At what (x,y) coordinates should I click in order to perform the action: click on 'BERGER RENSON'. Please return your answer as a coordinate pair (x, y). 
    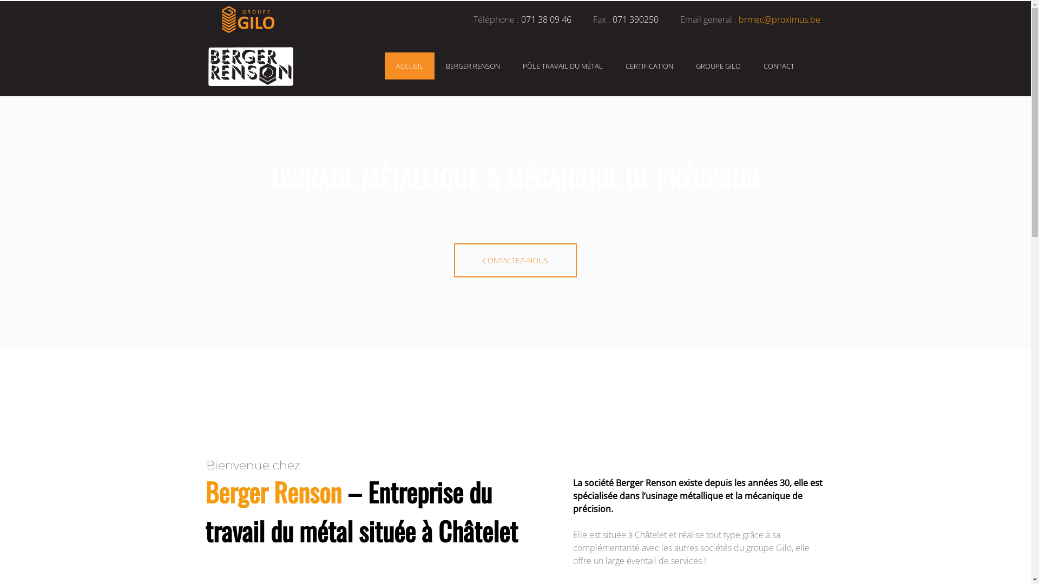
    Looking at the image, I should click on (472, 66).